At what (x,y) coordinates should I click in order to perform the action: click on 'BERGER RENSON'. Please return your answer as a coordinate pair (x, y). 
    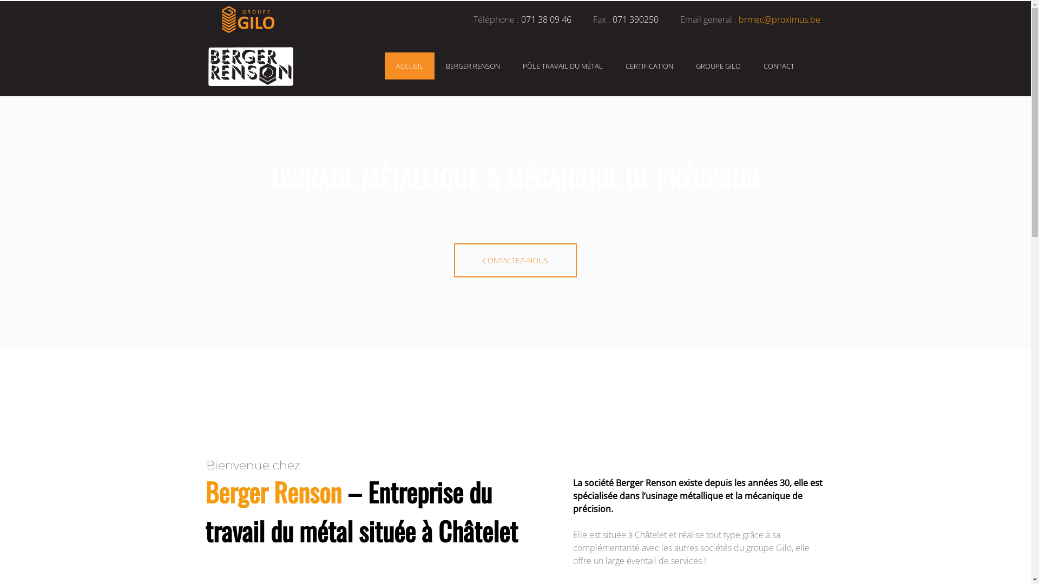
    Looking at the image, I should click on (472, 66).